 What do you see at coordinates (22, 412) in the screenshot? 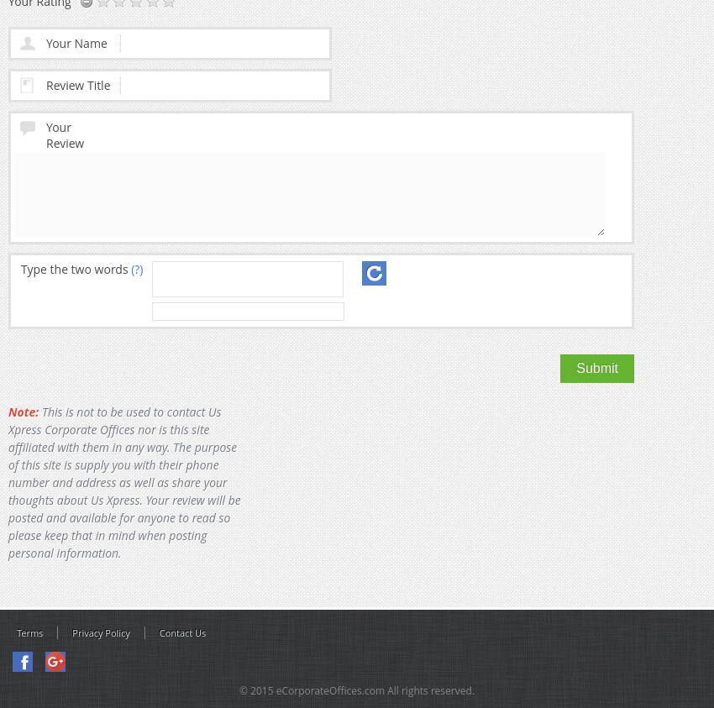
I see `'Note:'` at bounding box center [22, 412].